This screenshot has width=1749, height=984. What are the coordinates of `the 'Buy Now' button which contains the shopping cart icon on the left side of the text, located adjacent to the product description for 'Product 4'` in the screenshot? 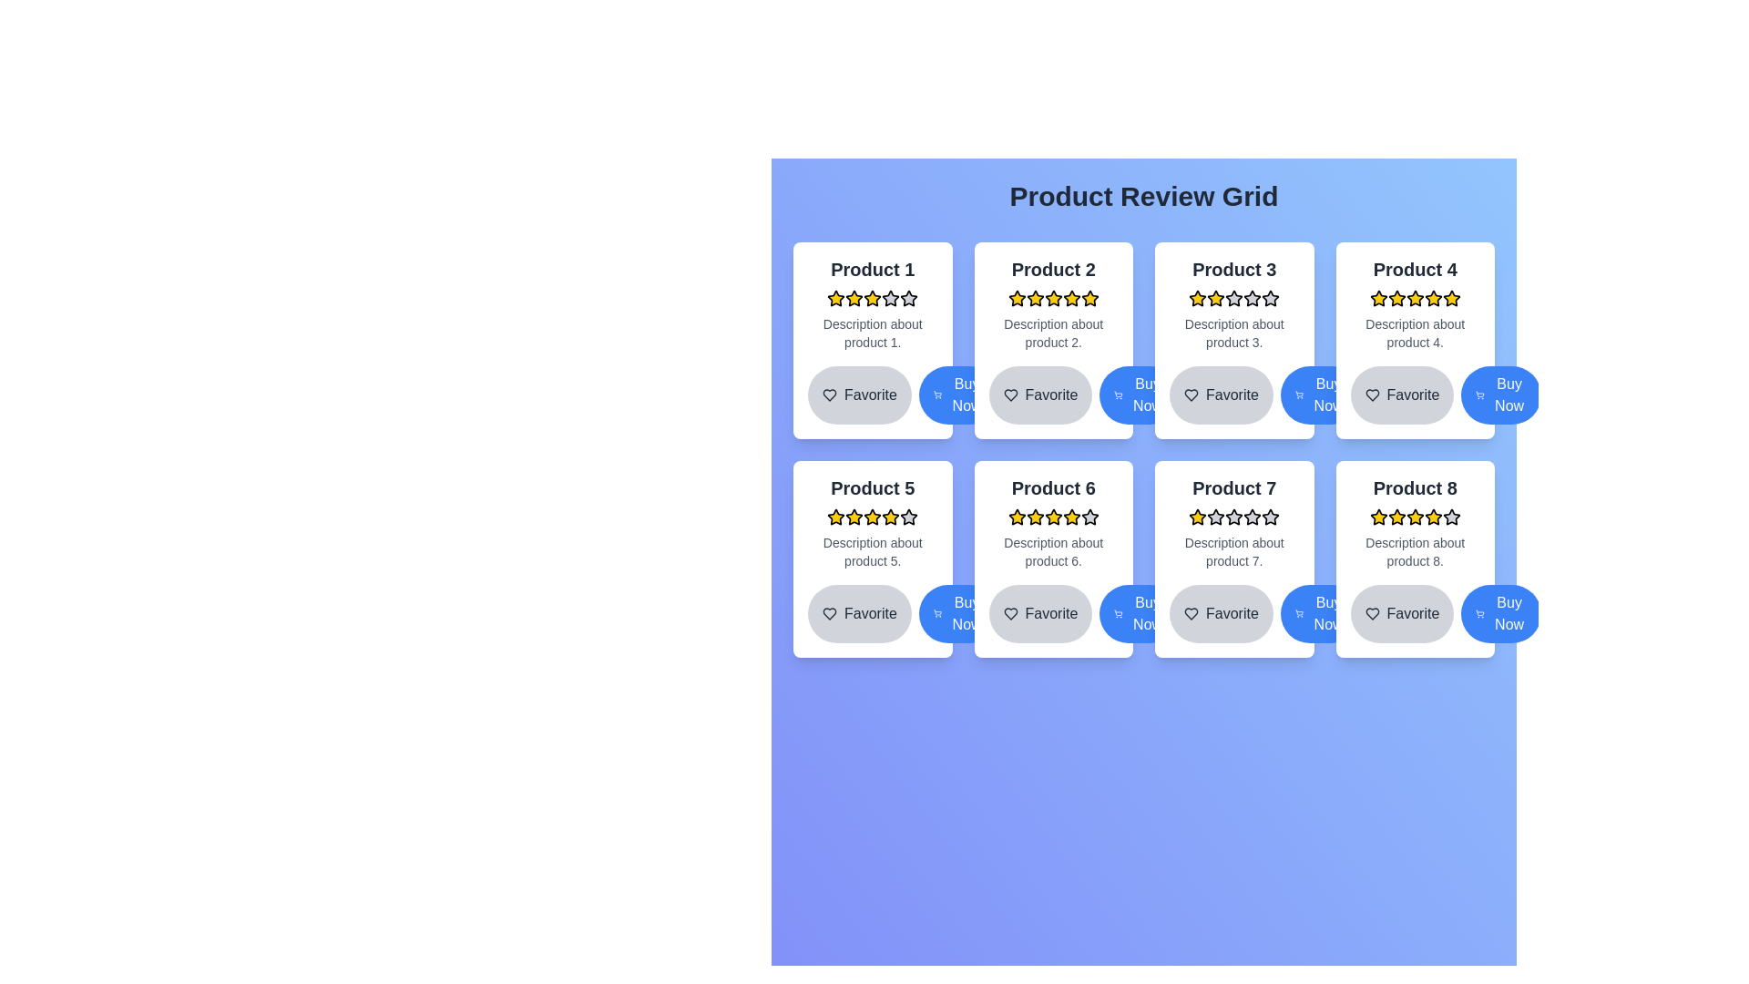 It's located at (1480, 395).